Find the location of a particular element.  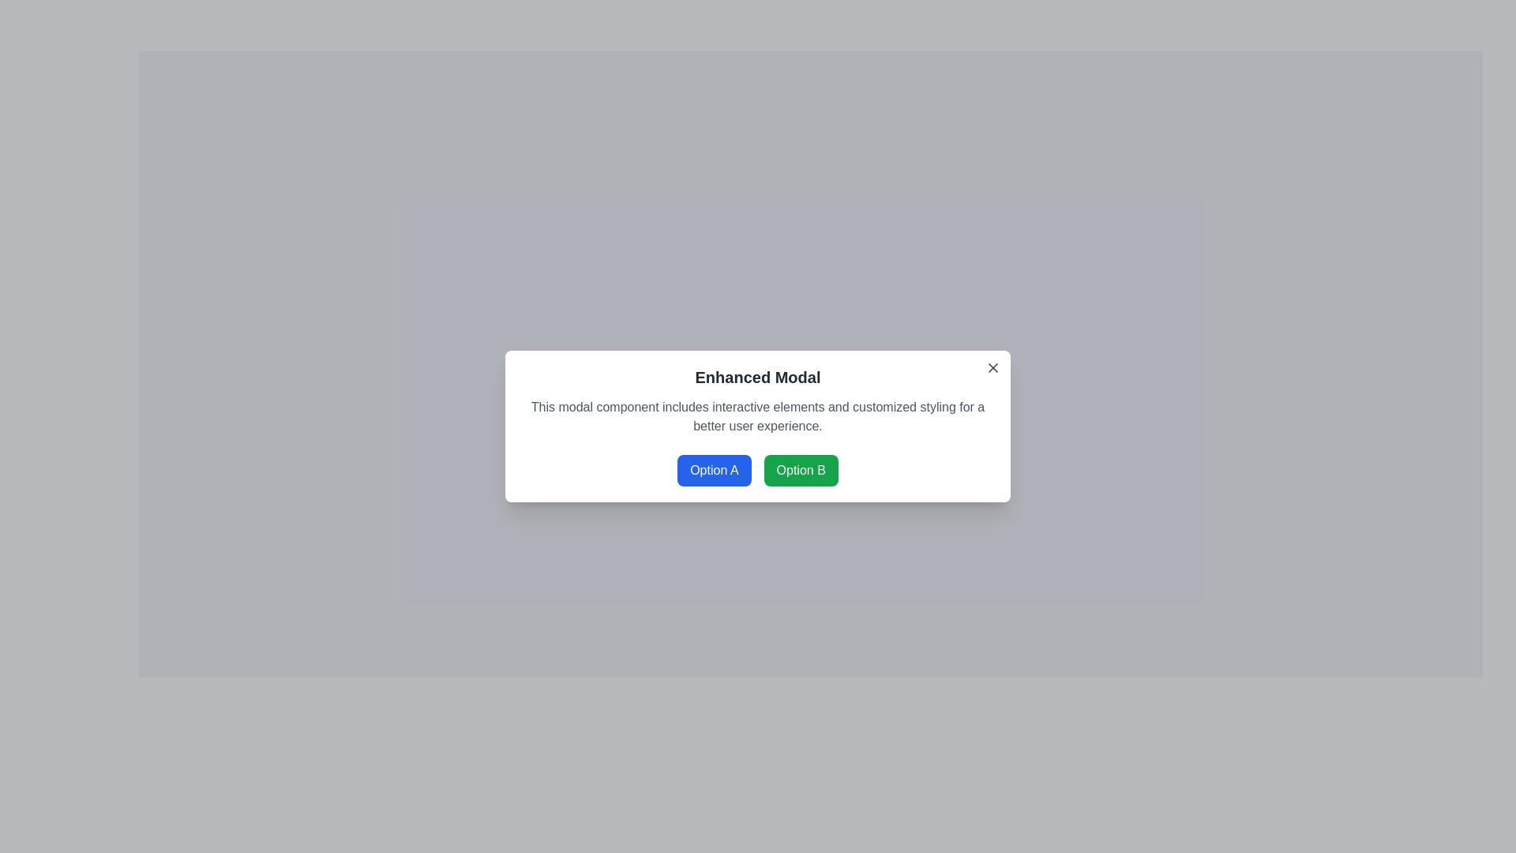

the close button located at the top-right corner of the modal window to trigger hover effects is located at coordinates (992, 368).